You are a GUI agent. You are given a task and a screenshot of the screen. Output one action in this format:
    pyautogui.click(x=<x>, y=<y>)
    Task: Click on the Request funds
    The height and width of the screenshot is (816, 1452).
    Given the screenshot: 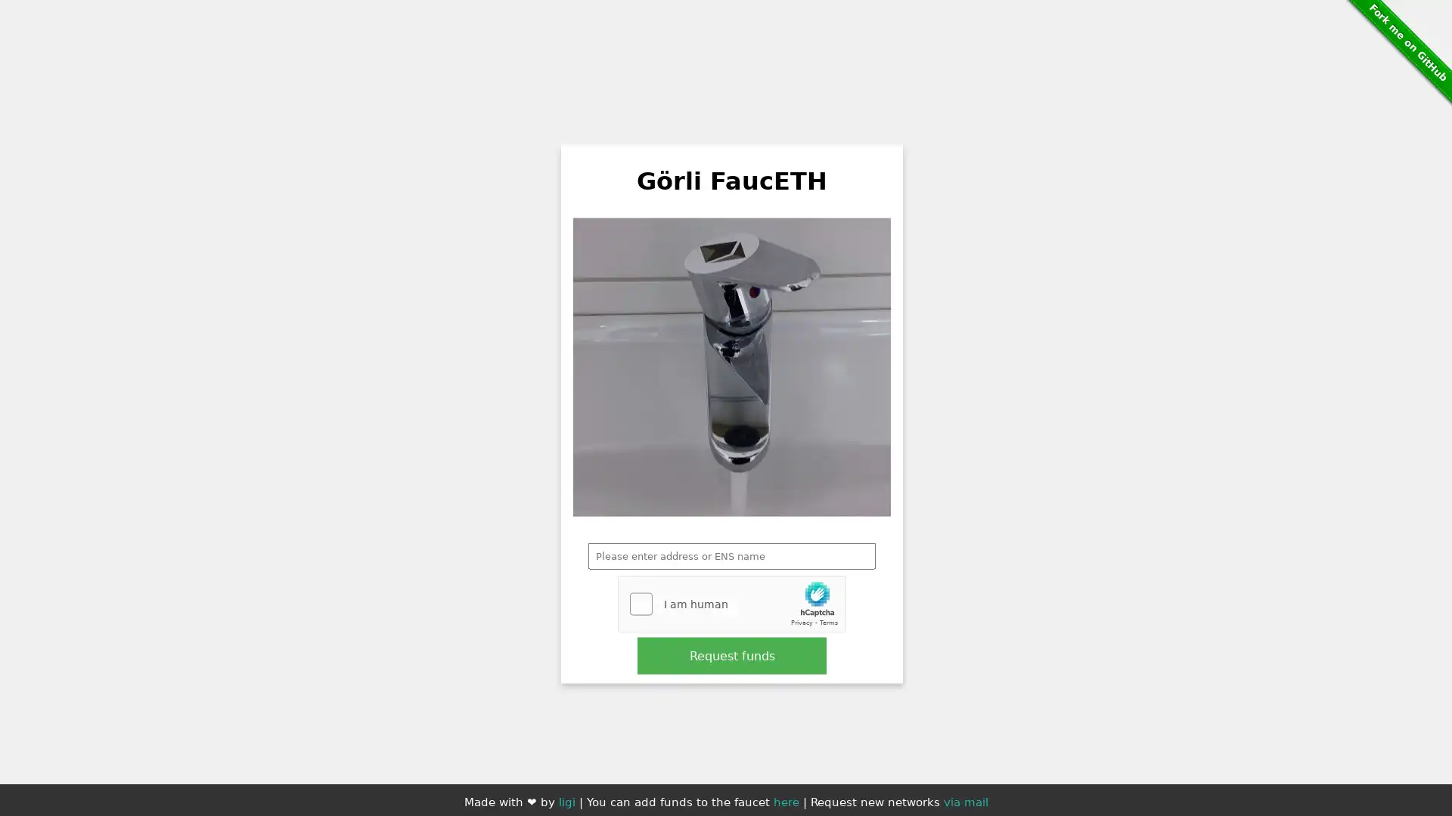 What is the action you would take?
    pyautogui.click(x=732, y=654)
    